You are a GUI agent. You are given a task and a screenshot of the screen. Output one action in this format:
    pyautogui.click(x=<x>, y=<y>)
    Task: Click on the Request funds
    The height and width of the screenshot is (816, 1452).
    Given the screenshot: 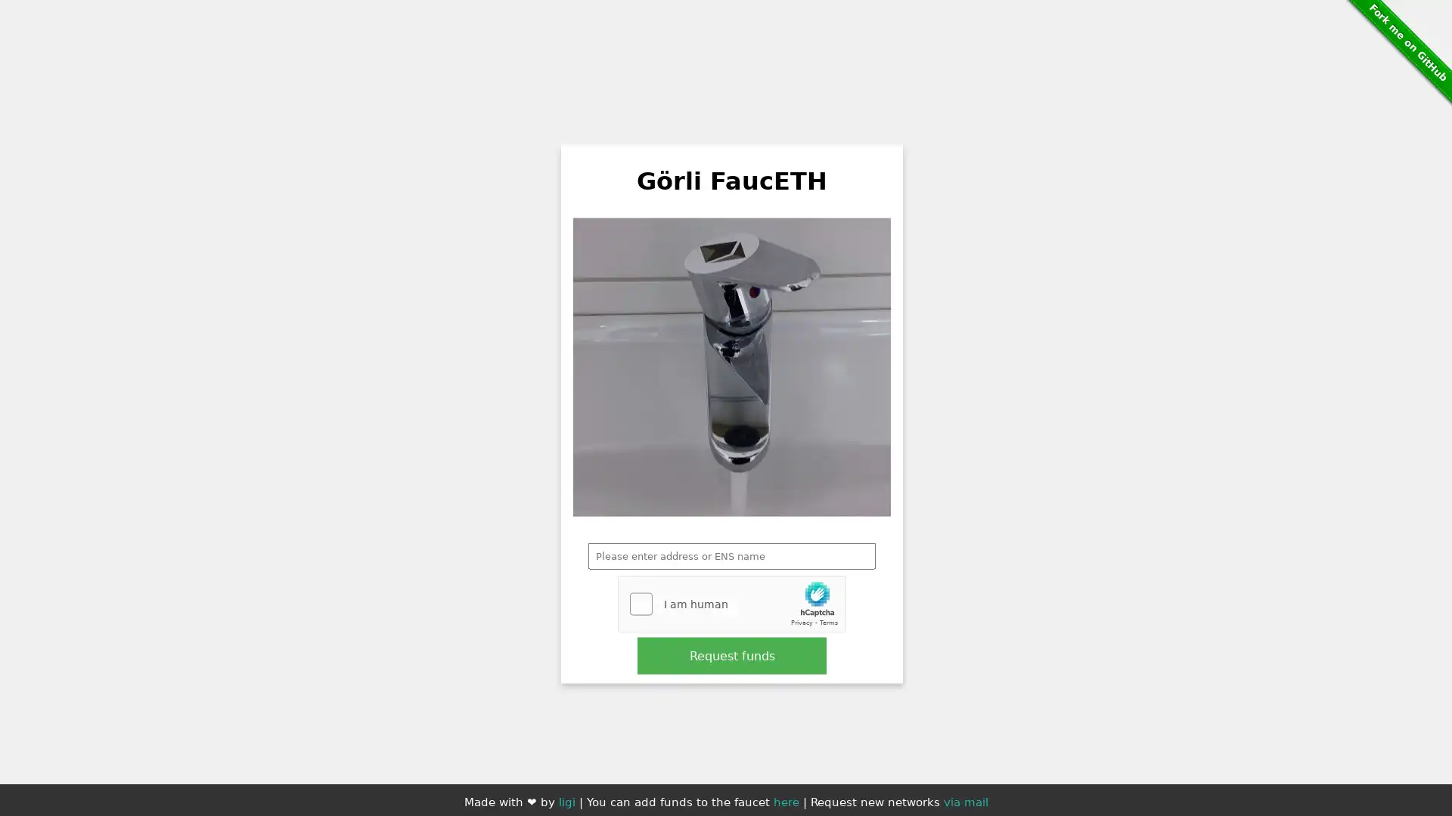 What is the action you would take?
    pyautogui.click(x=732, y=654)
    